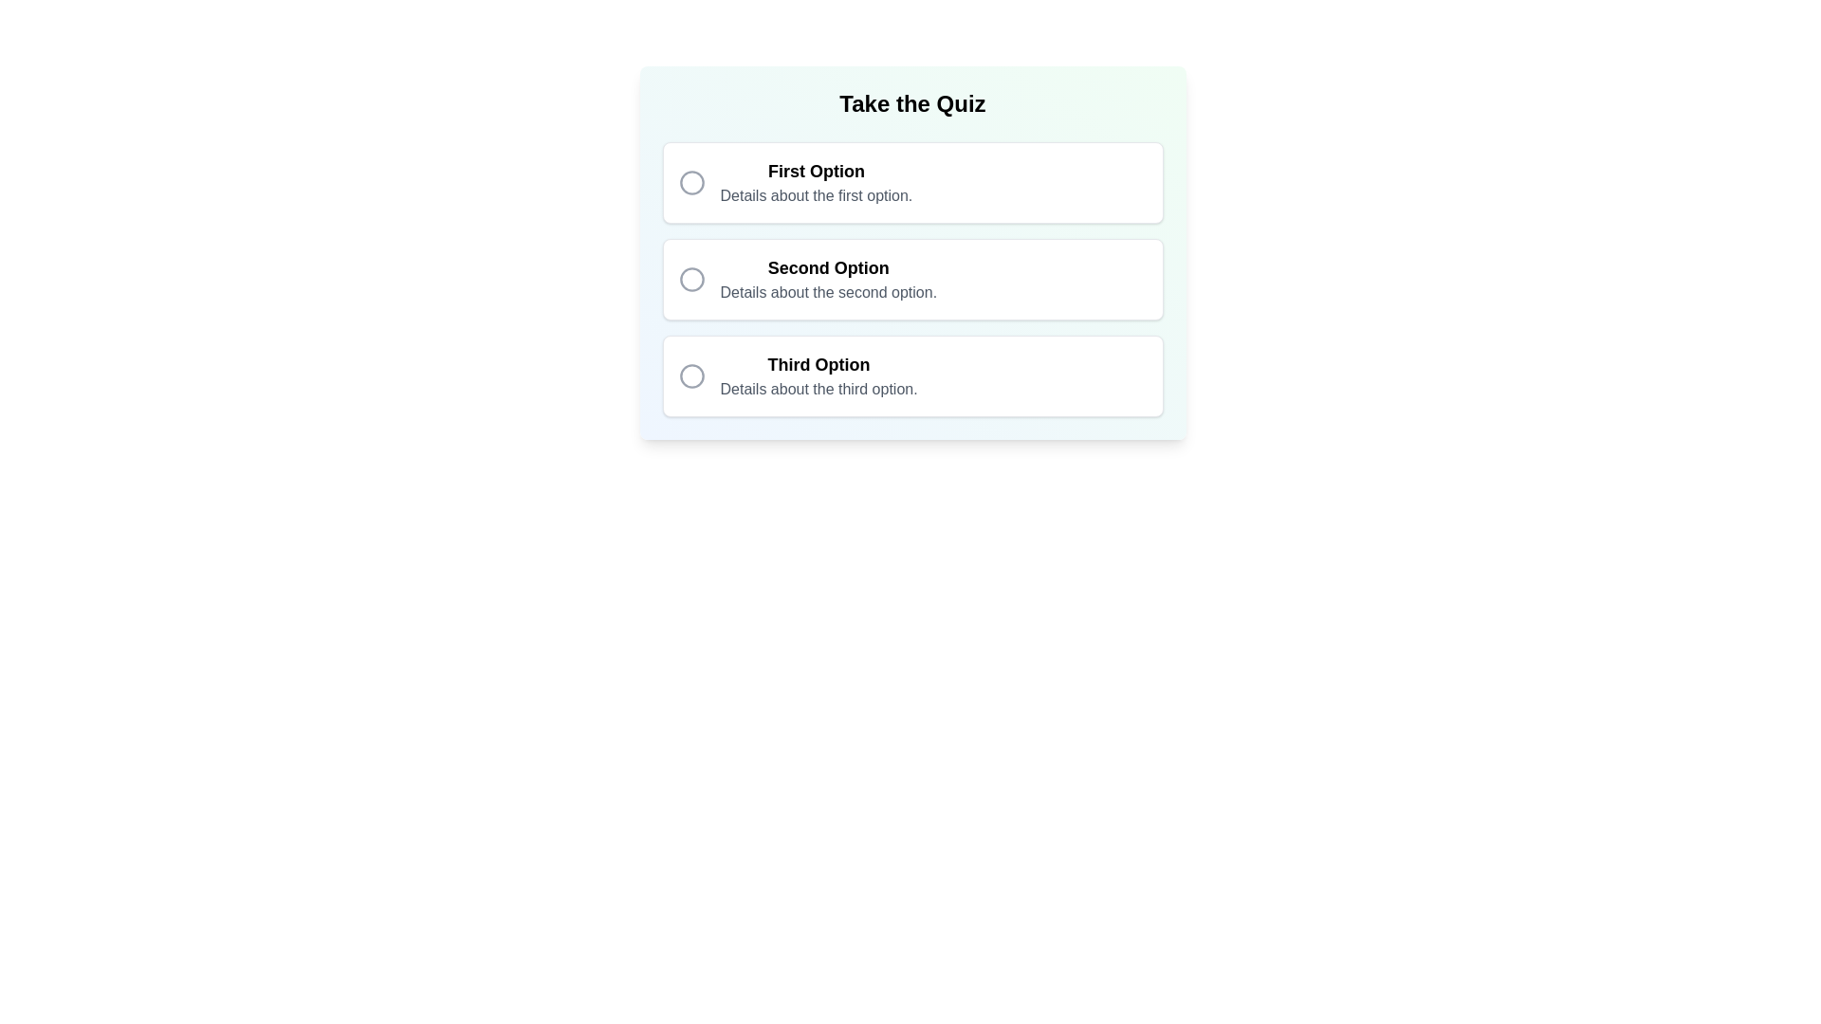  What do you see at coordinates (816, 182) in the screenshot?
I see `the selectable quiz option text located just below the 'Take the Quiz' header, which is the first item in the list of options` at bounding box center [816, 182].